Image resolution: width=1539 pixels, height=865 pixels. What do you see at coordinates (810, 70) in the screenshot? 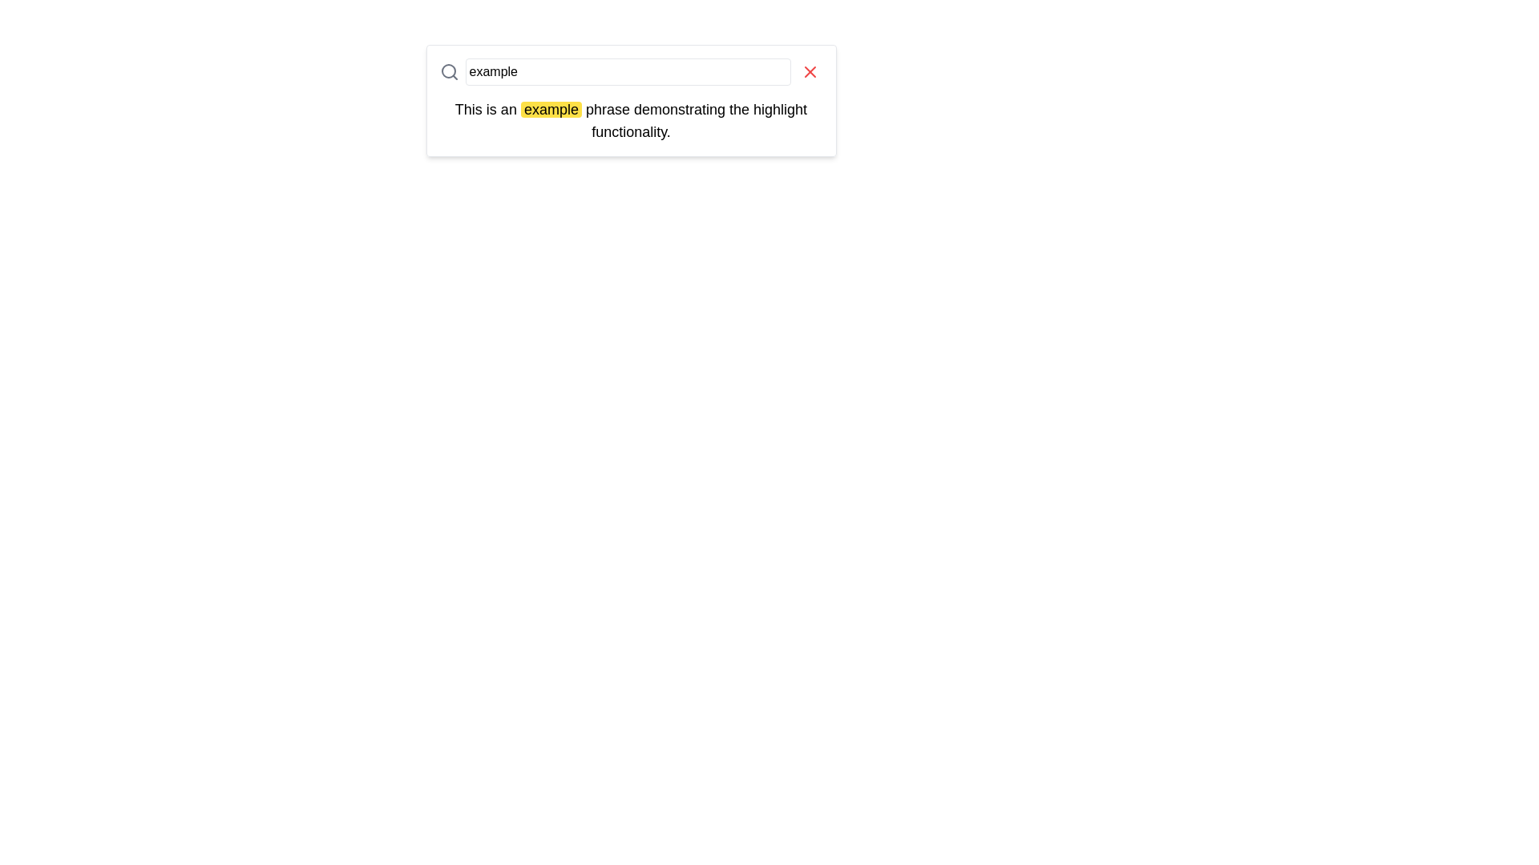
I see `the clear button located in the top-right corner of the search bar to clear the input field` at bounding box center [810, 70].